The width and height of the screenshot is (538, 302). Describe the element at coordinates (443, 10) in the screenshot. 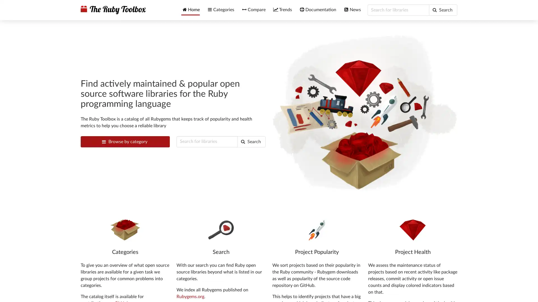

I see `Search` at that location.